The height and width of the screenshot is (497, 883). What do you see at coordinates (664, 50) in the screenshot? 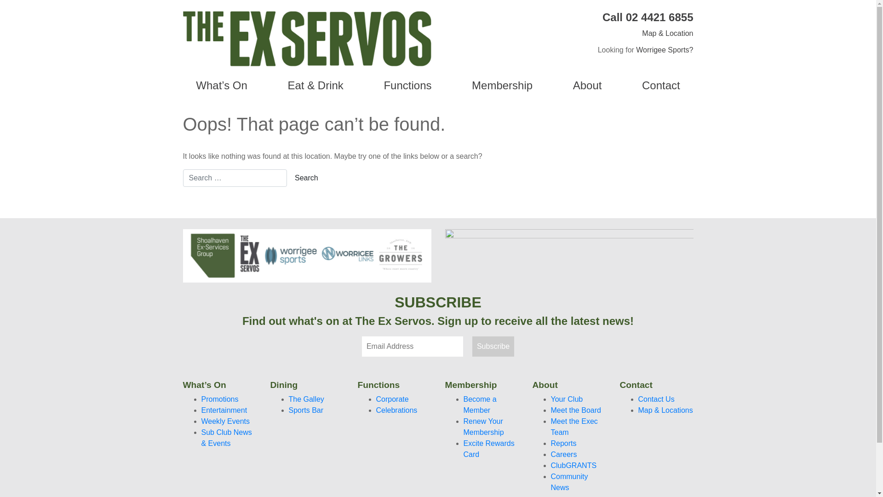
I see `'Worrigee Sports?'` at bounding box center [664, 50].